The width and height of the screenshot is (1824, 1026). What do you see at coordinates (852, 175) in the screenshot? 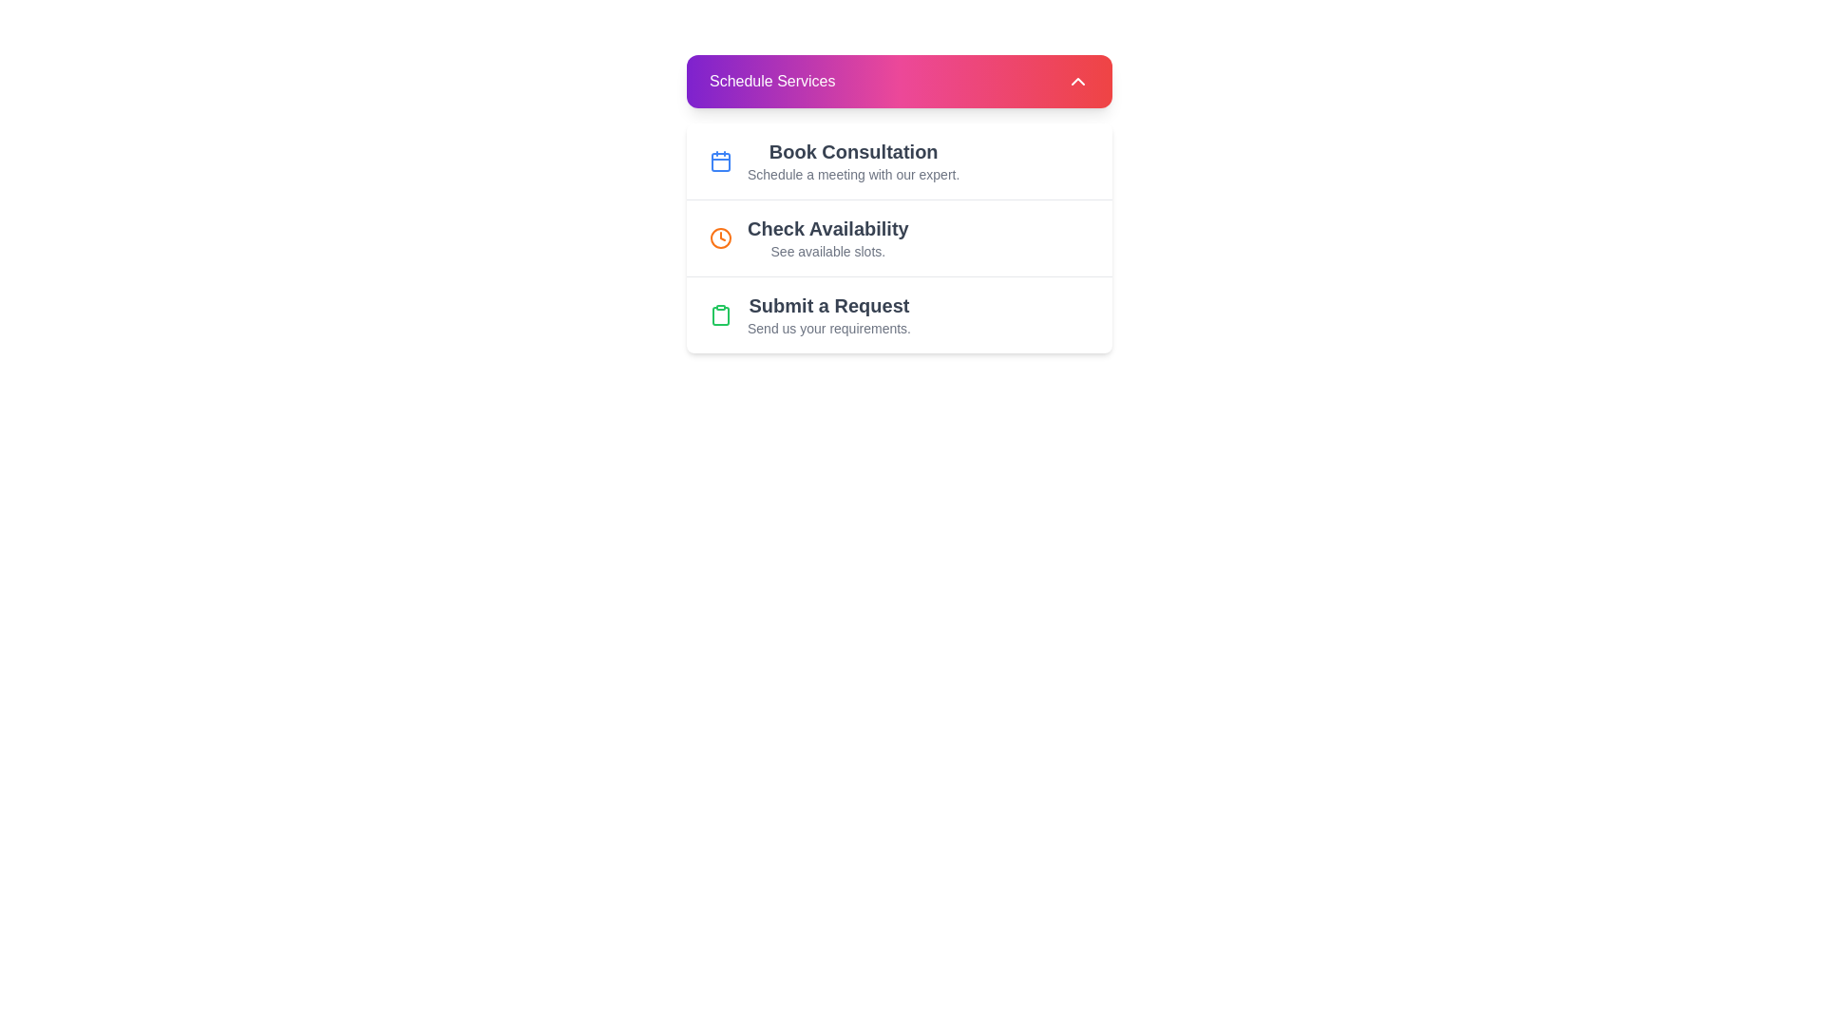
I see `text element that says 'Schedule a meeting with our expert.', which is located directly beneath the 'Book Consultation' heading` at bounding box center [852, 175].